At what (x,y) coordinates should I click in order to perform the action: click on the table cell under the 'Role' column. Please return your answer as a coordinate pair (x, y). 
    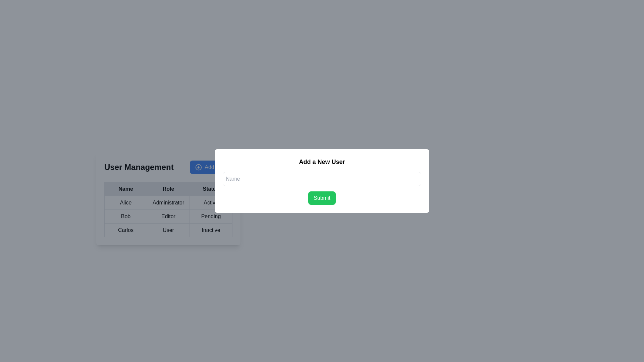
    Looking at the image, I should click on (168, 226).